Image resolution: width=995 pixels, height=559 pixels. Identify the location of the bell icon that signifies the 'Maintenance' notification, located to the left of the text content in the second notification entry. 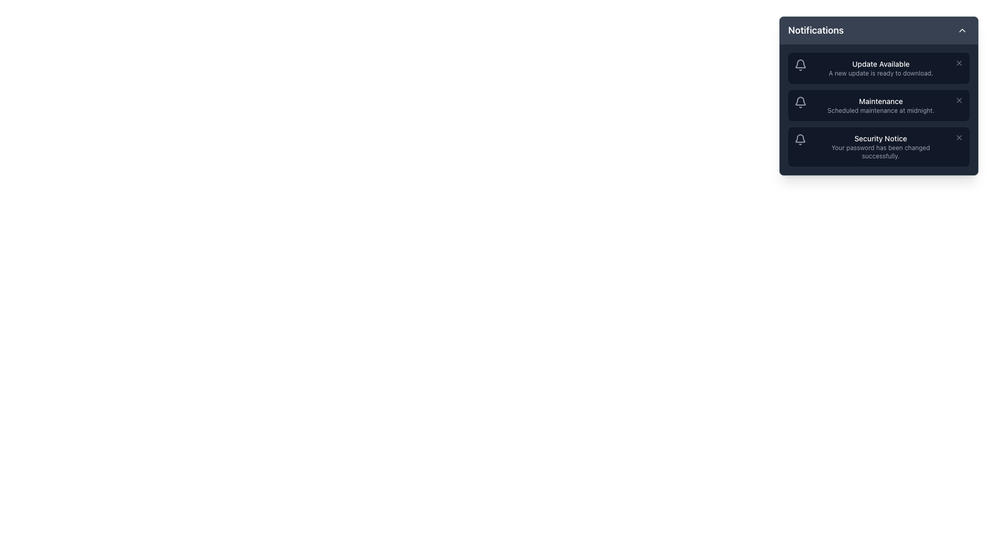
(800, 102).